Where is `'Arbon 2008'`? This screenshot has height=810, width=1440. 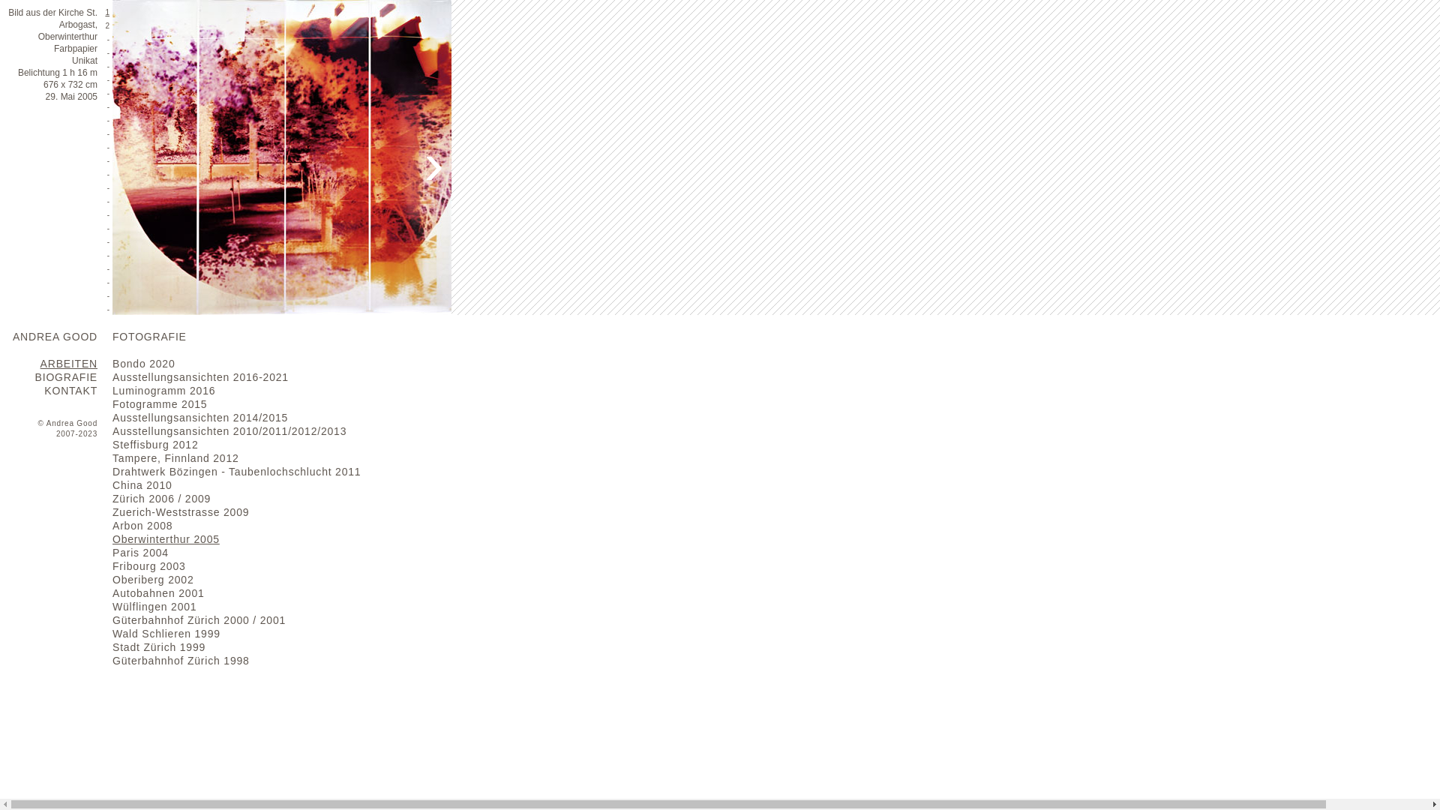
'Arbon 2008' is located at coordinates (142, 525).